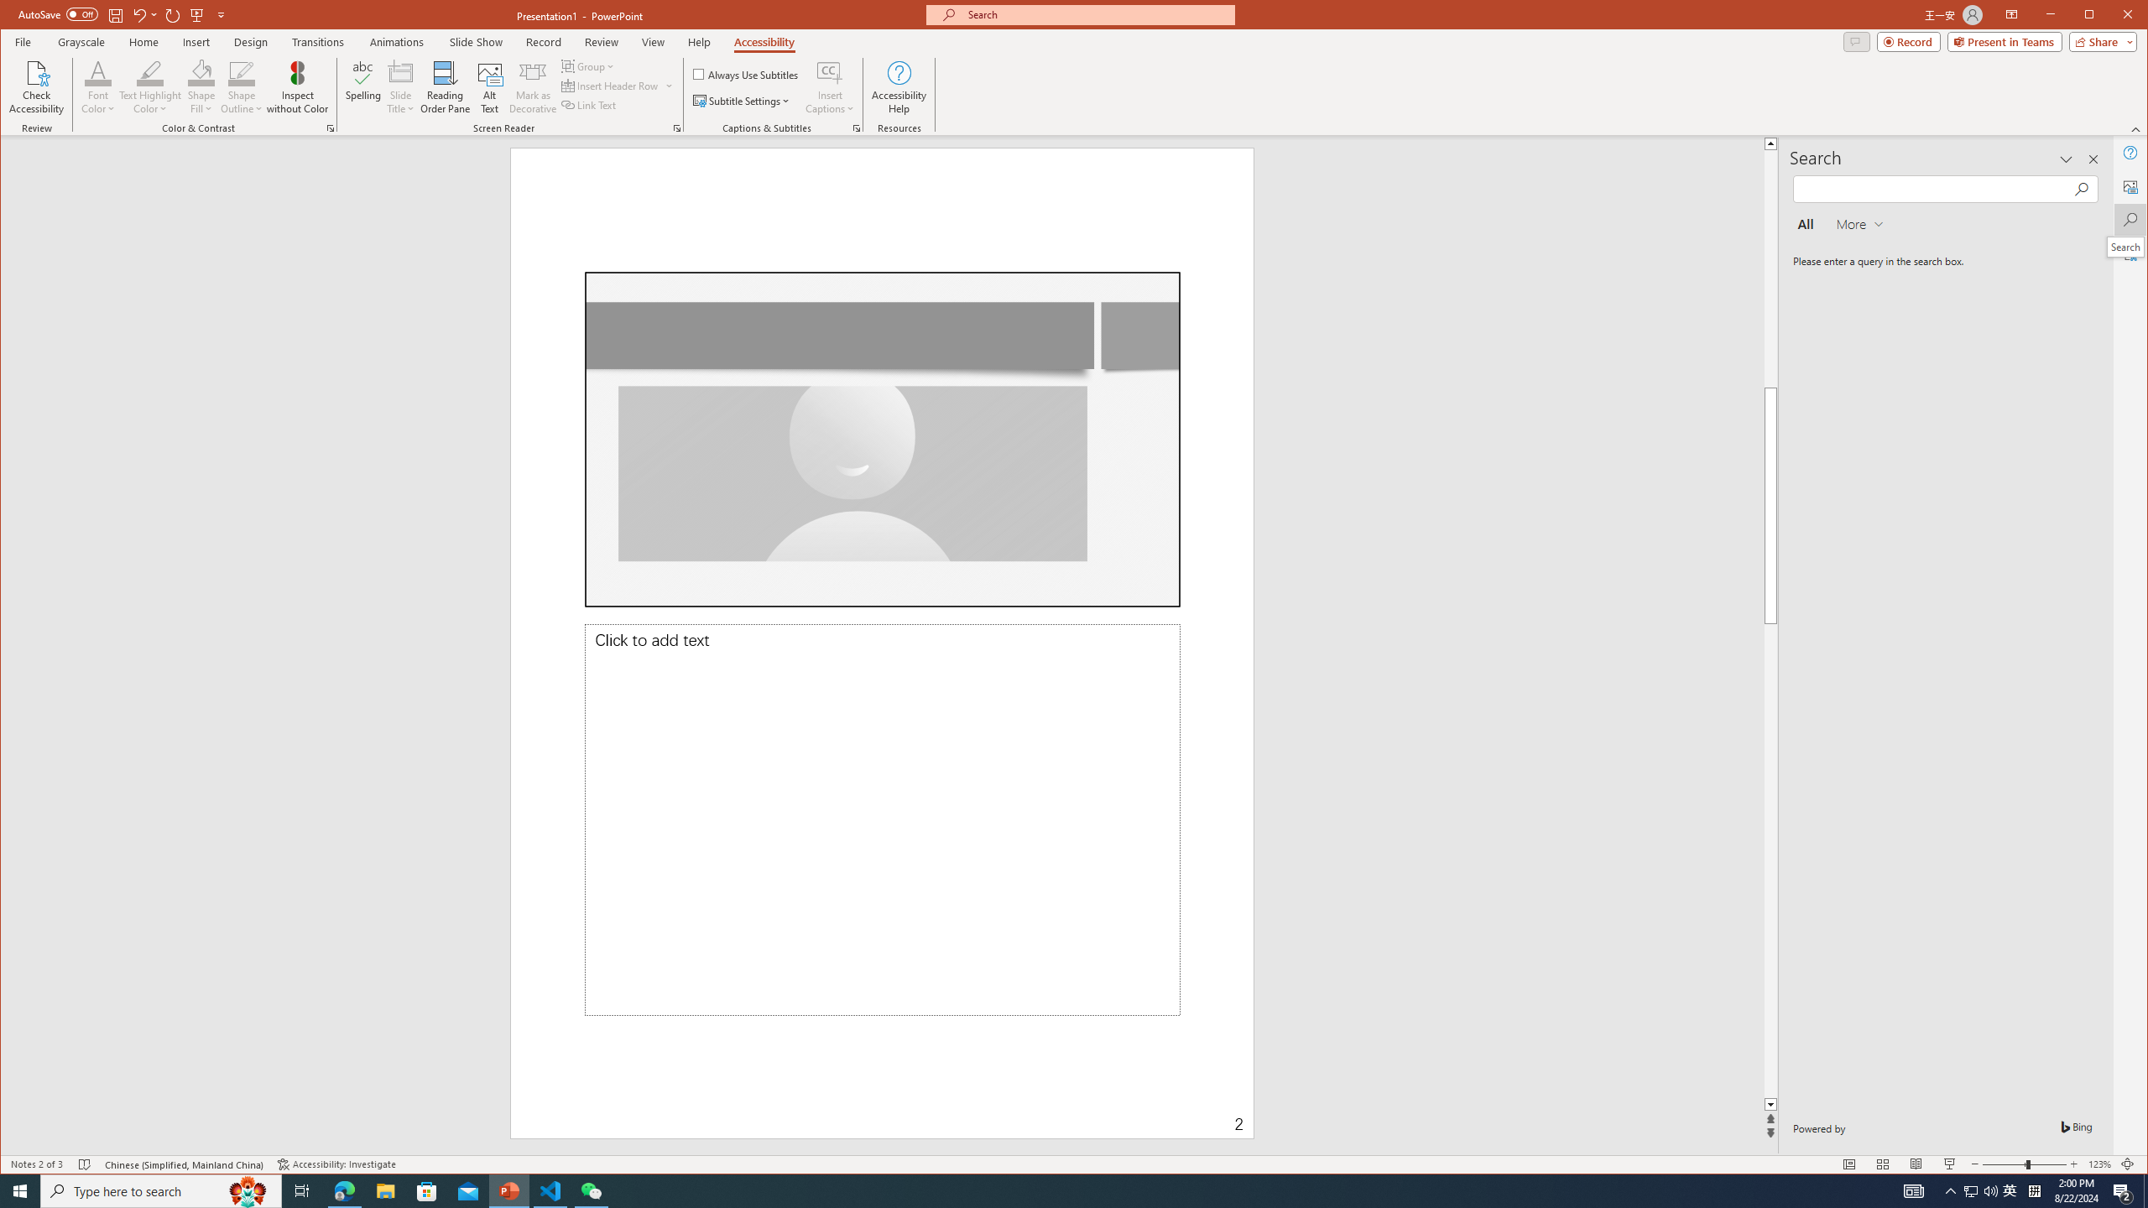 This screenshot has height=1208, width=2148. I want to click on 'Maximize', so click(2114, 16).